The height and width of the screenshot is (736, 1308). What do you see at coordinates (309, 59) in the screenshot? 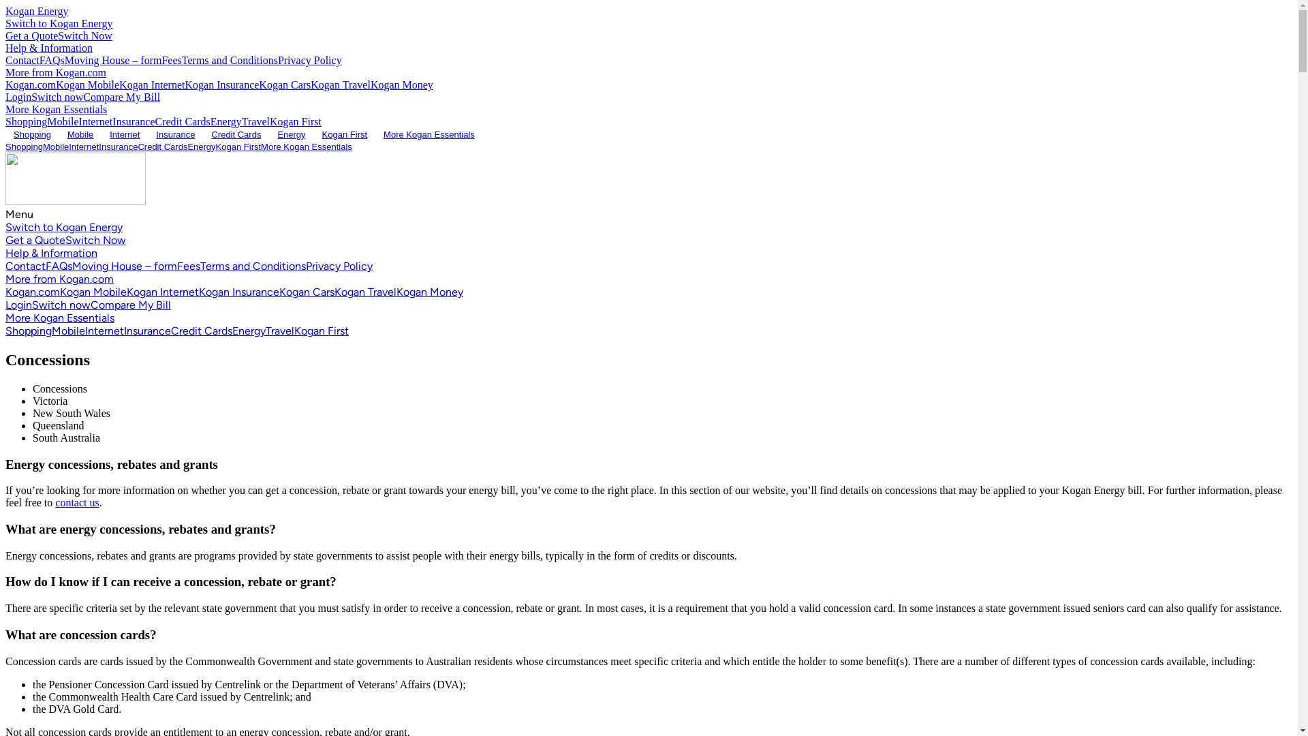
I see `'Privacy Policy'` at bounding box center [309, 59].